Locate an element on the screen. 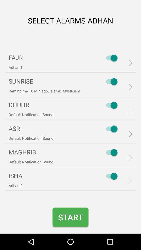 Image resolution: width=141 pixels, height=250 pixels. the third switch on the right next to the button dhuhr on the web page is located at coordinates (110, 105).